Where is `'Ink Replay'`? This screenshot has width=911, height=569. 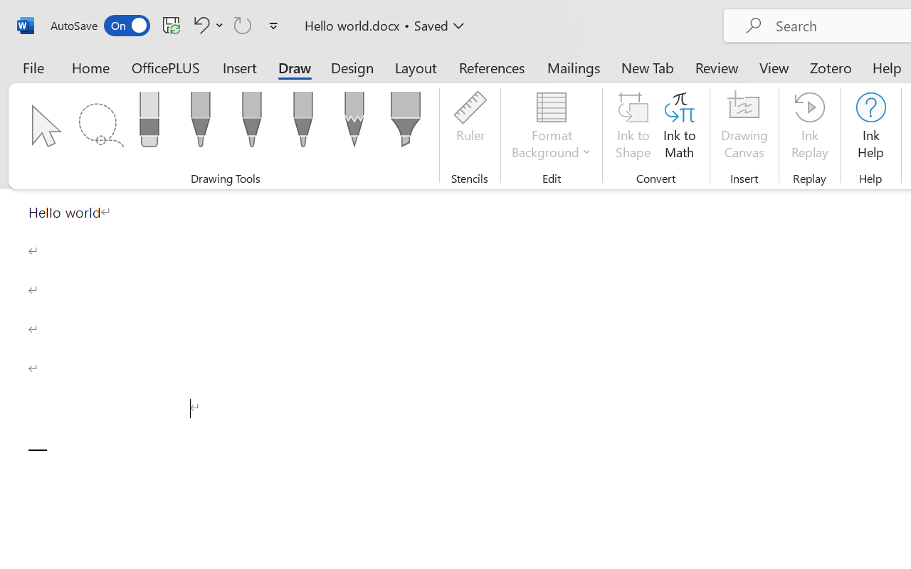
'Ink Replay' is located at coordinates (809, 127).